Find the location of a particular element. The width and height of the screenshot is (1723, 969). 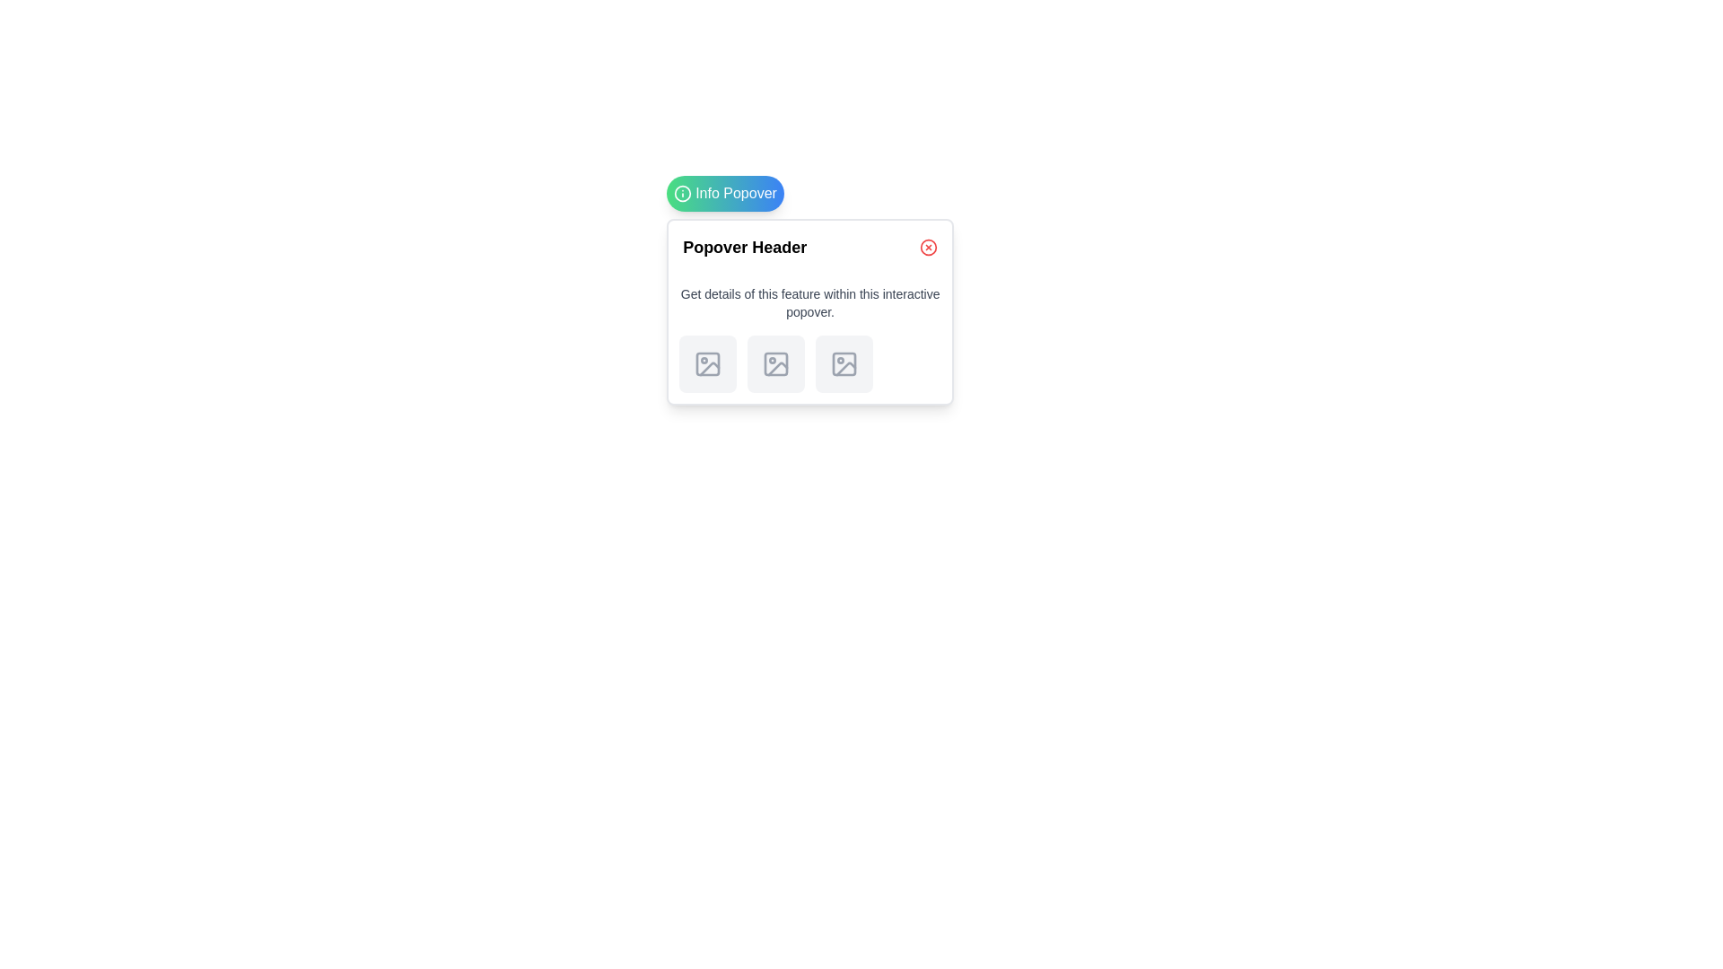

the second button at the bottom of the popover card that contains the icon symbolizing an image-related action is located at coordinates (776, 363).